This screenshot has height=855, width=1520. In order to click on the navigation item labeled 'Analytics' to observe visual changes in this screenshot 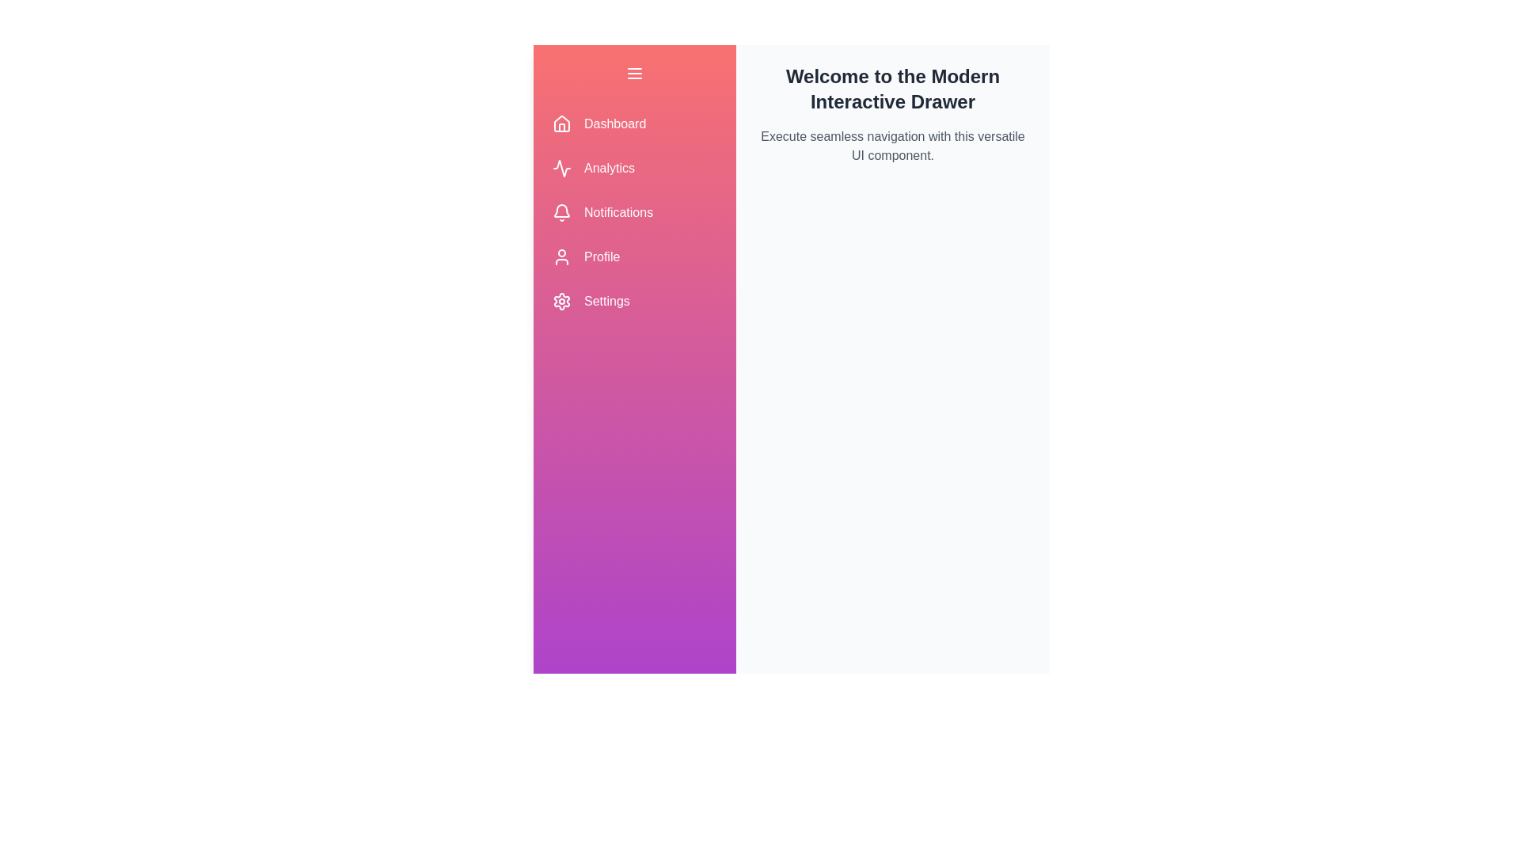, I will do `click(634, 168)`.